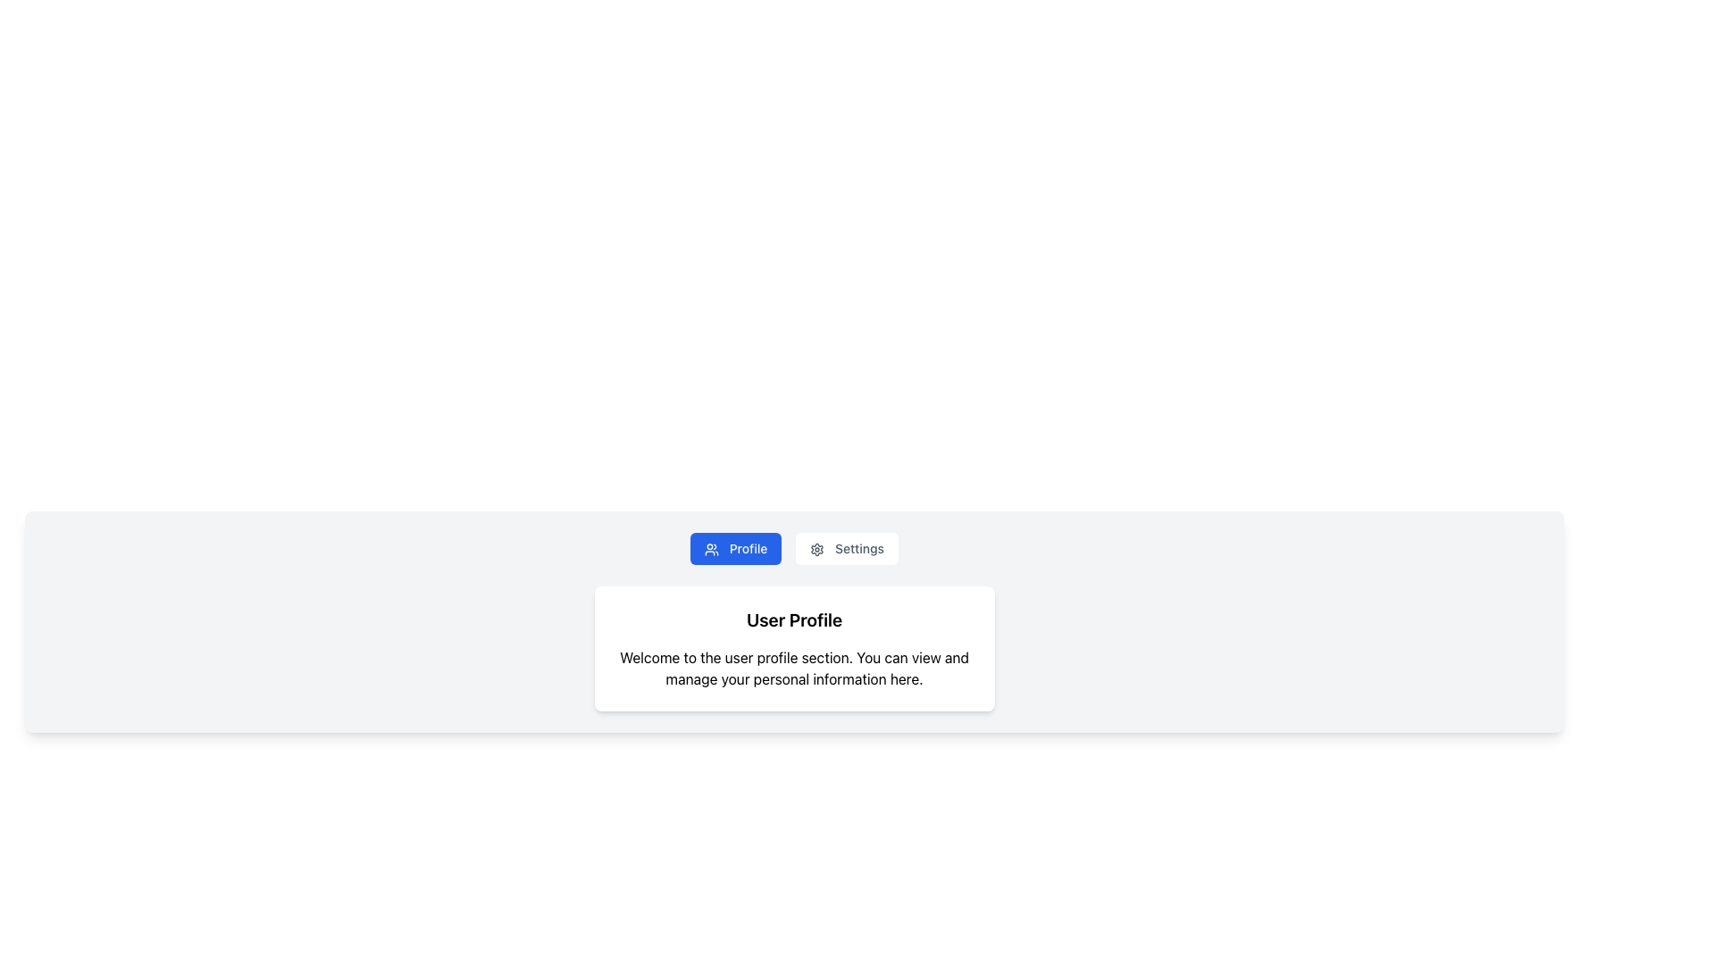 The width and height of the screenshot is (1715, 964). Describe the element at coordinates (846, 547) in the screenshot. I see `the 'Settings' button` at that location.